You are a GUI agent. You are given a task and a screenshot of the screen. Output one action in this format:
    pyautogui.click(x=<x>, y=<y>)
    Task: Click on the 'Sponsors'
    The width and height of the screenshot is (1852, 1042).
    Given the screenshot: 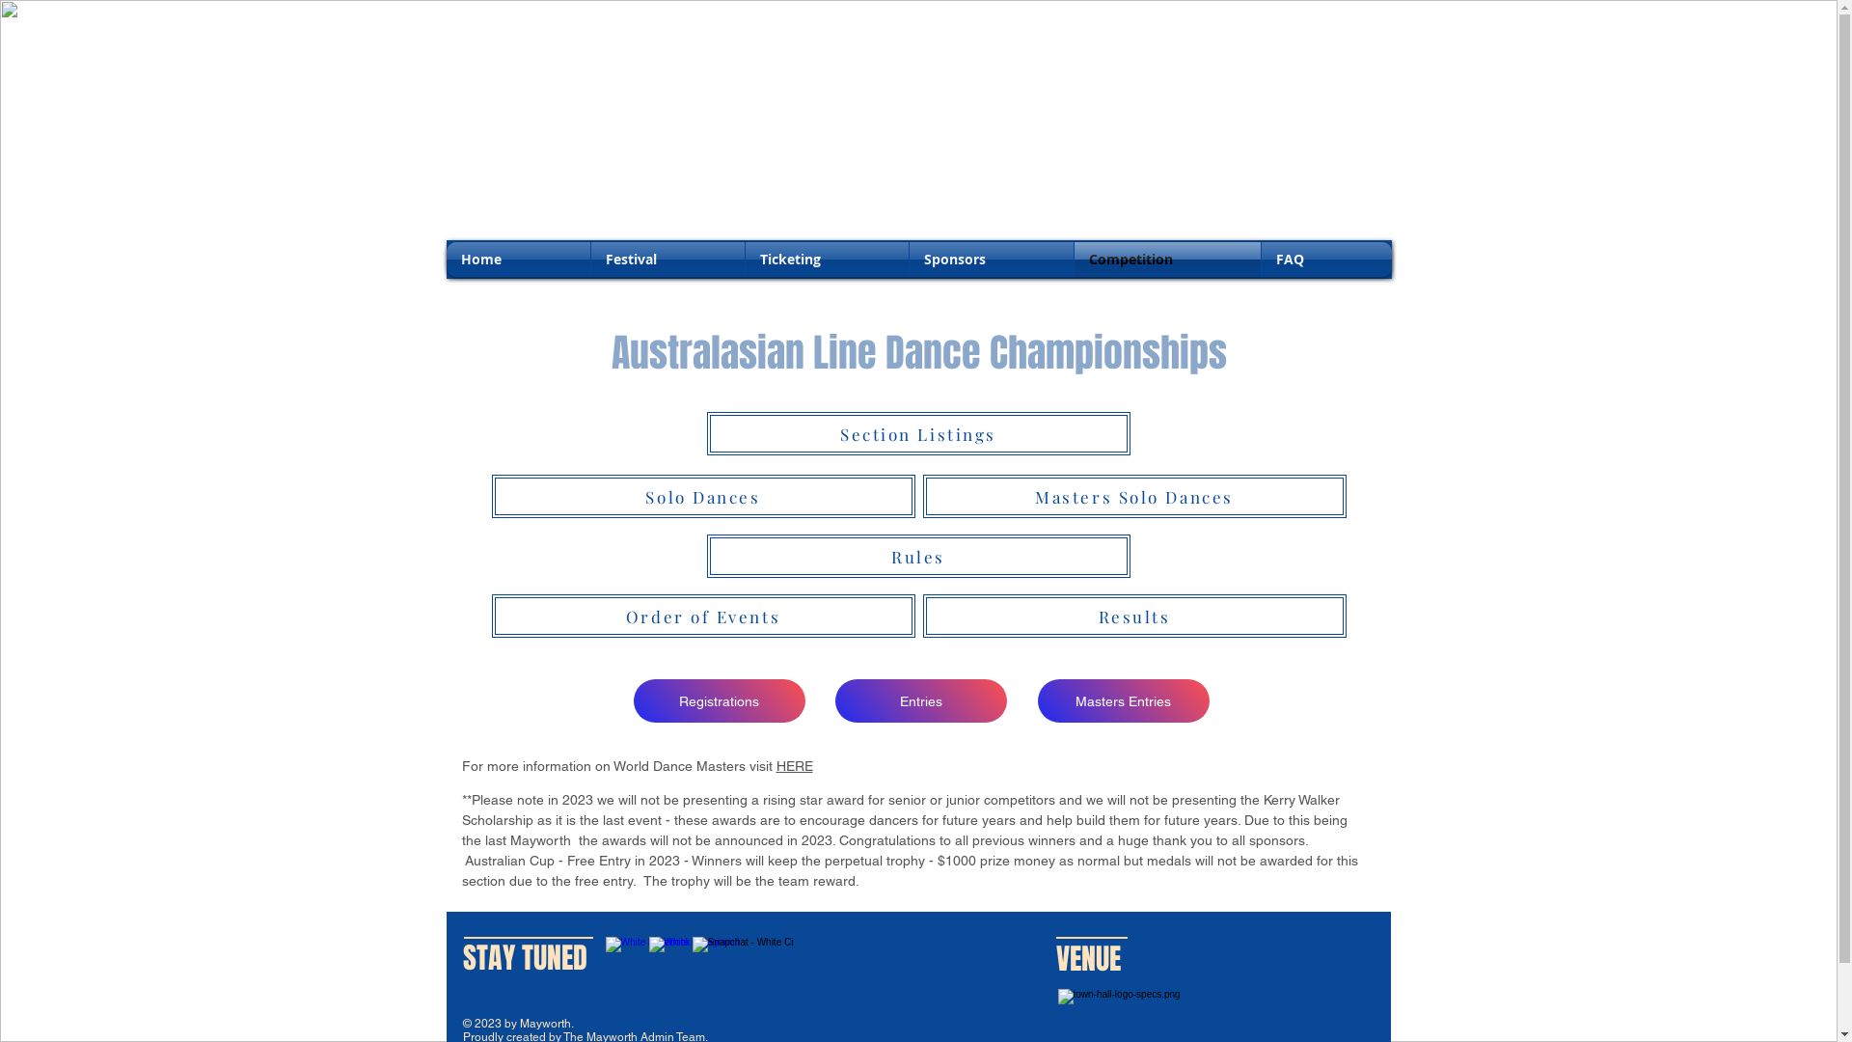 What is the action you would take?
    pyautogui.click(x=991, y=259)
    